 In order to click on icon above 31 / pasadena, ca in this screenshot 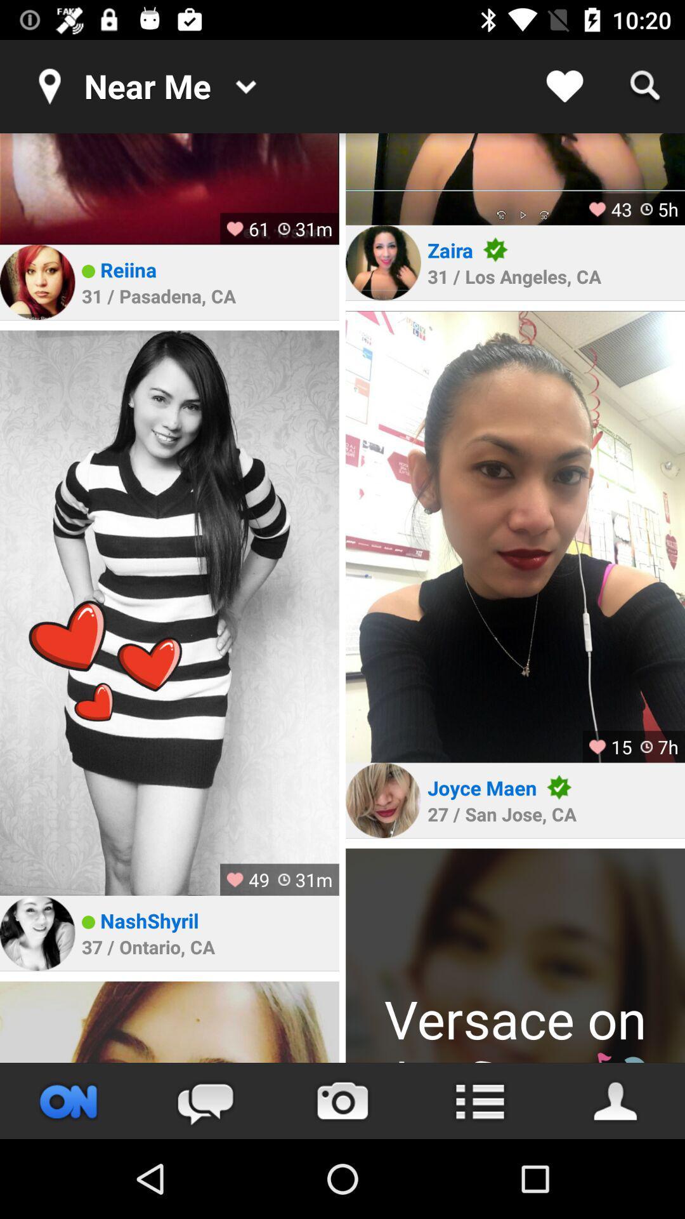, I will do `click(128, 269)`.